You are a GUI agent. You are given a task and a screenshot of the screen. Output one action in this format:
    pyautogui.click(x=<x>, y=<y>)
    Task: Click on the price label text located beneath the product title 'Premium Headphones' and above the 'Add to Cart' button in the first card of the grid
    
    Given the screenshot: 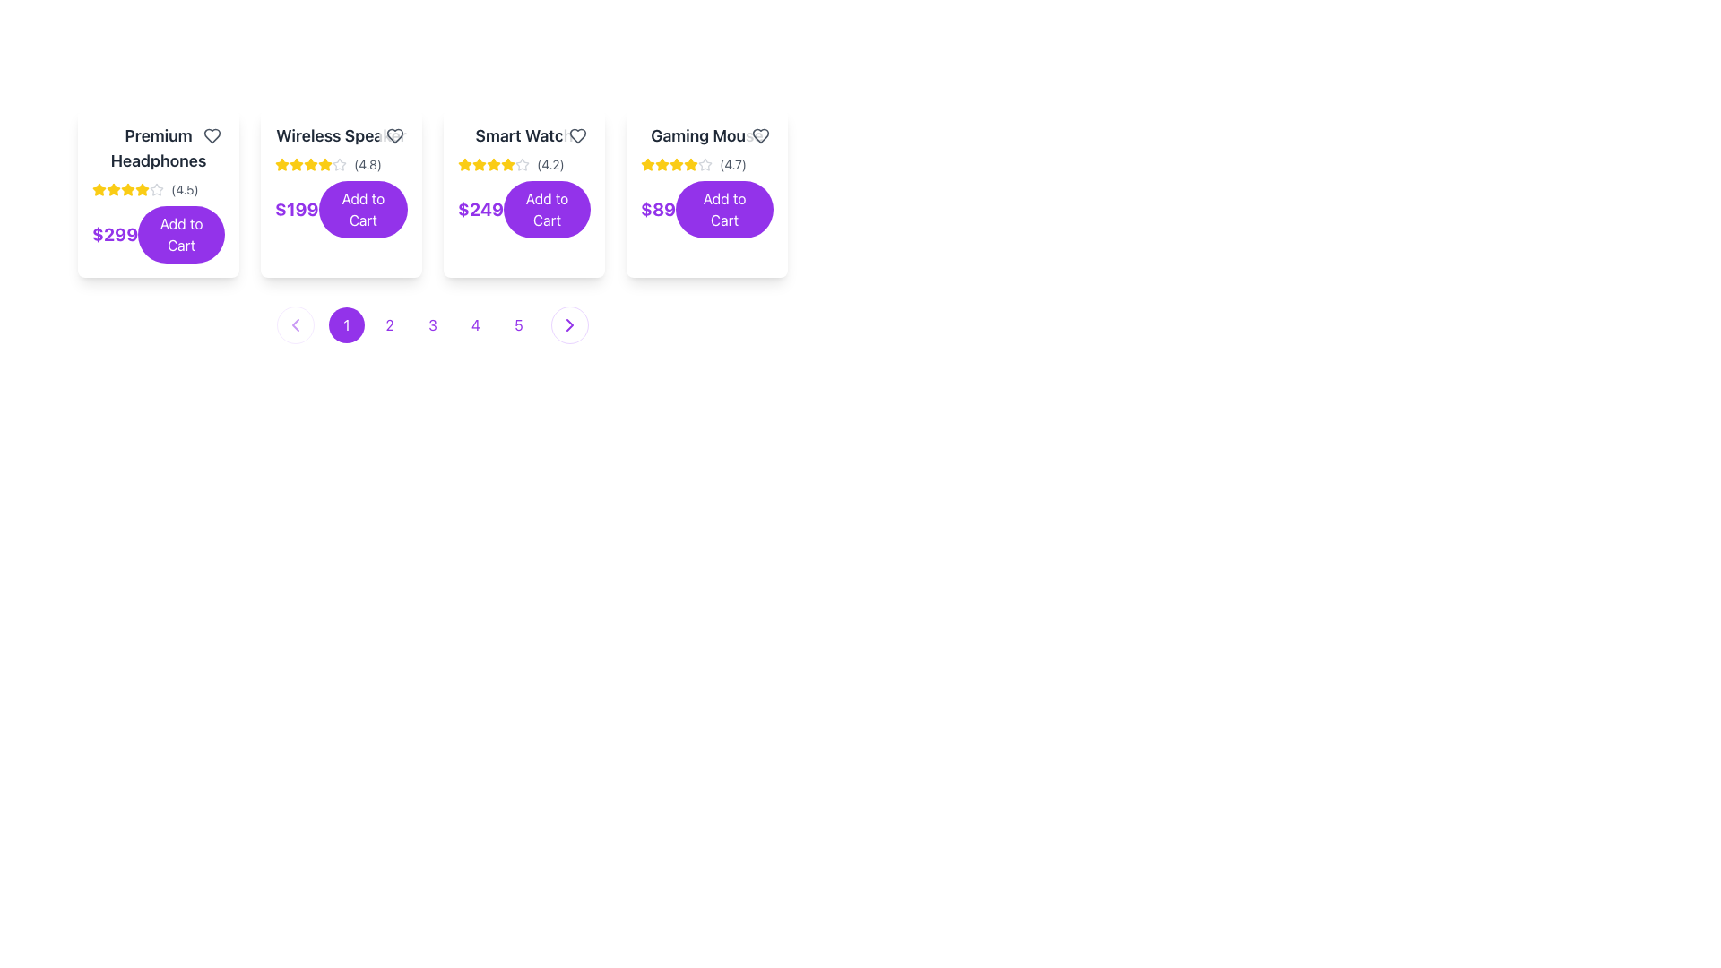 What is the action you would take?
    pyautogui.click(x=114, y=234)
    